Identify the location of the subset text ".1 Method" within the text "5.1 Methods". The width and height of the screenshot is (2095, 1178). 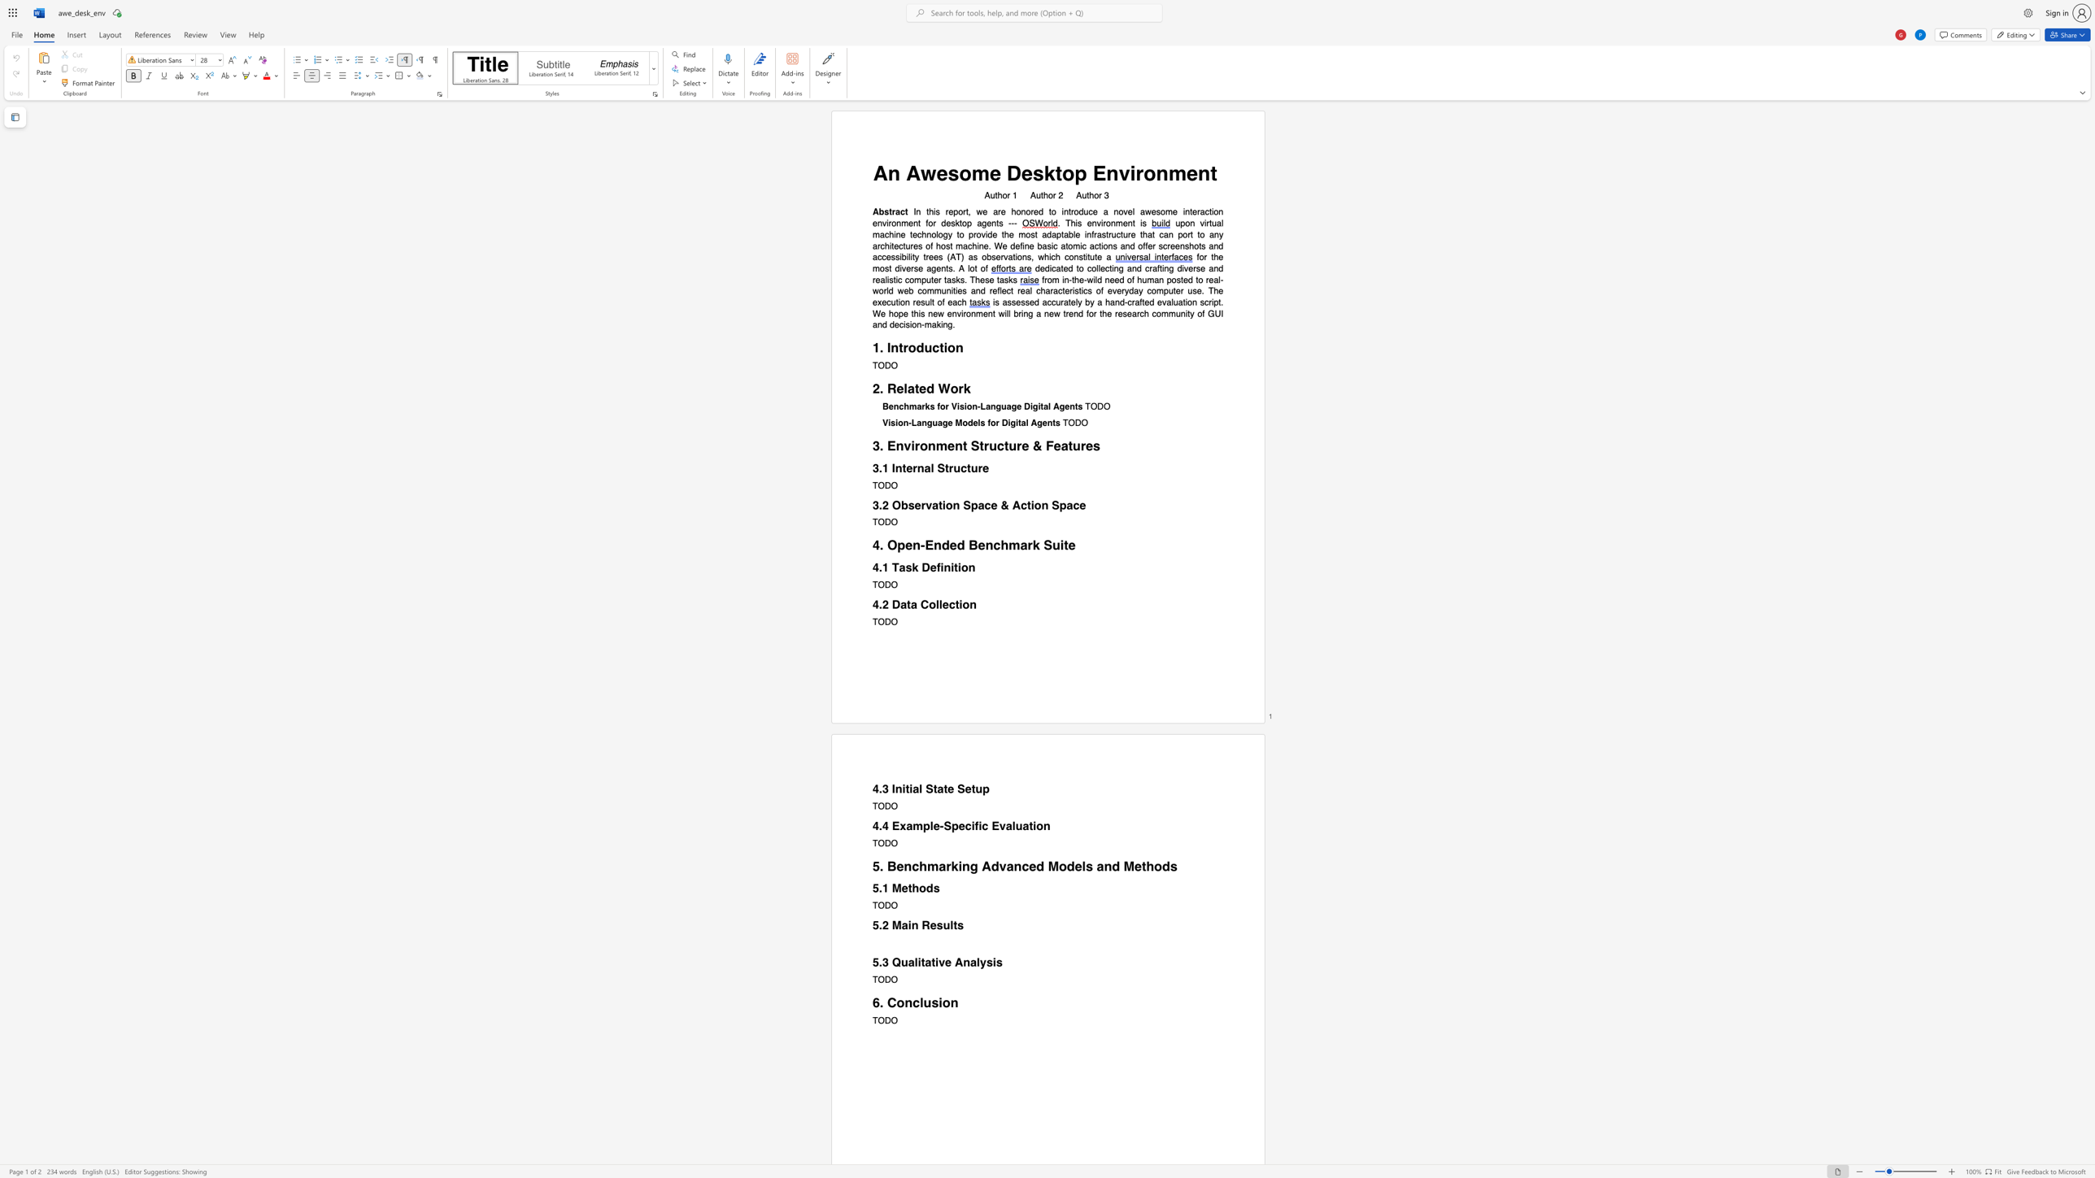
(878, 888).